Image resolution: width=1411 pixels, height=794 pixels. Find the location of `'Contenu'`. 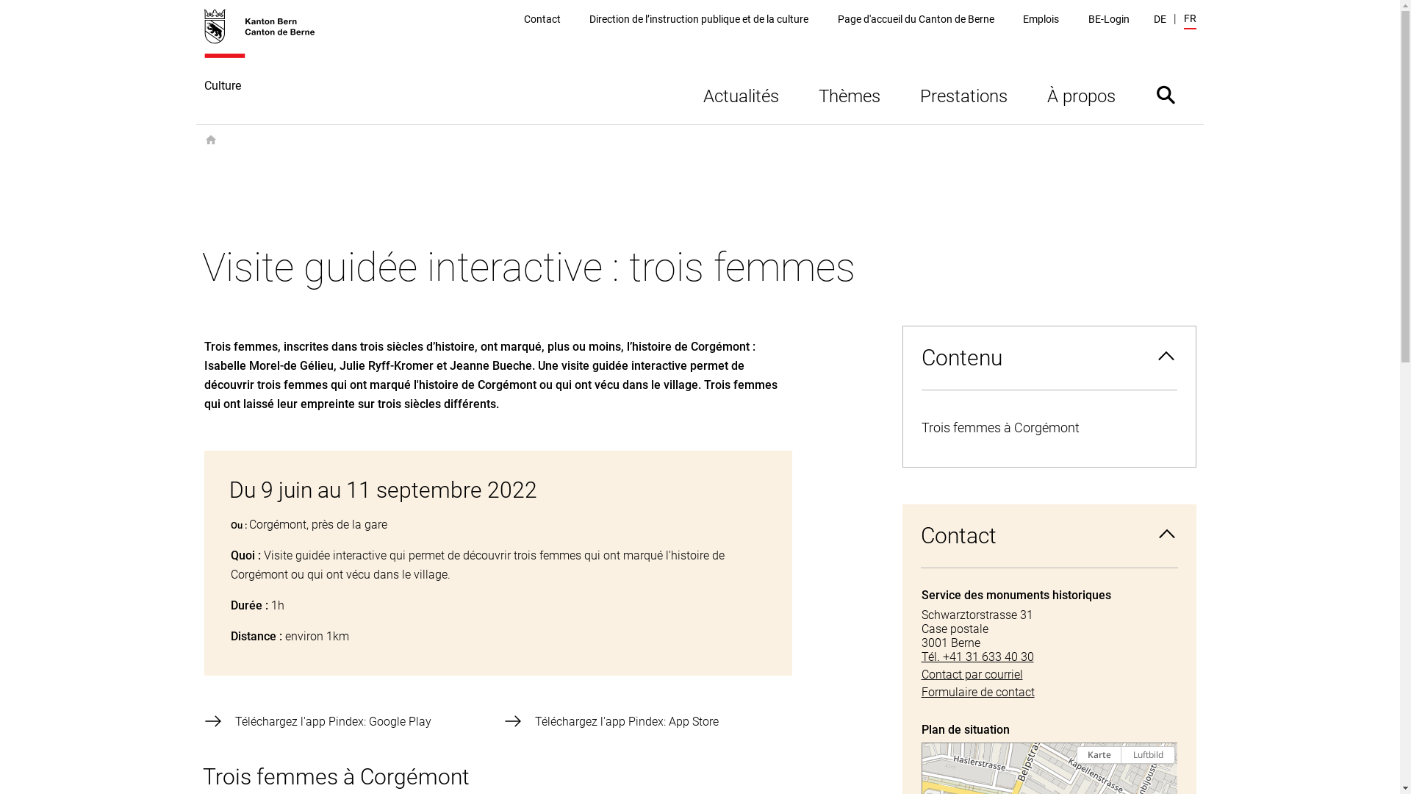

'Contenu' is located at coordinates (1047, 357).